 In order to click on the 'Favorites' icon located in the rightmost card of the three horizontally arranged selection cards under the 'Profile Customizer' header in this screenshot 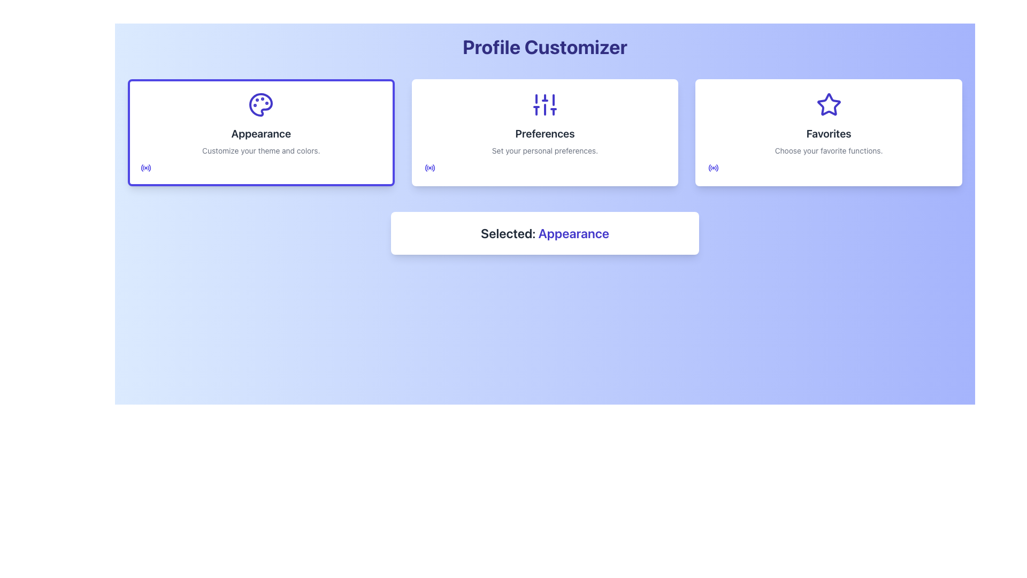, I will do `click(828, 104)`.